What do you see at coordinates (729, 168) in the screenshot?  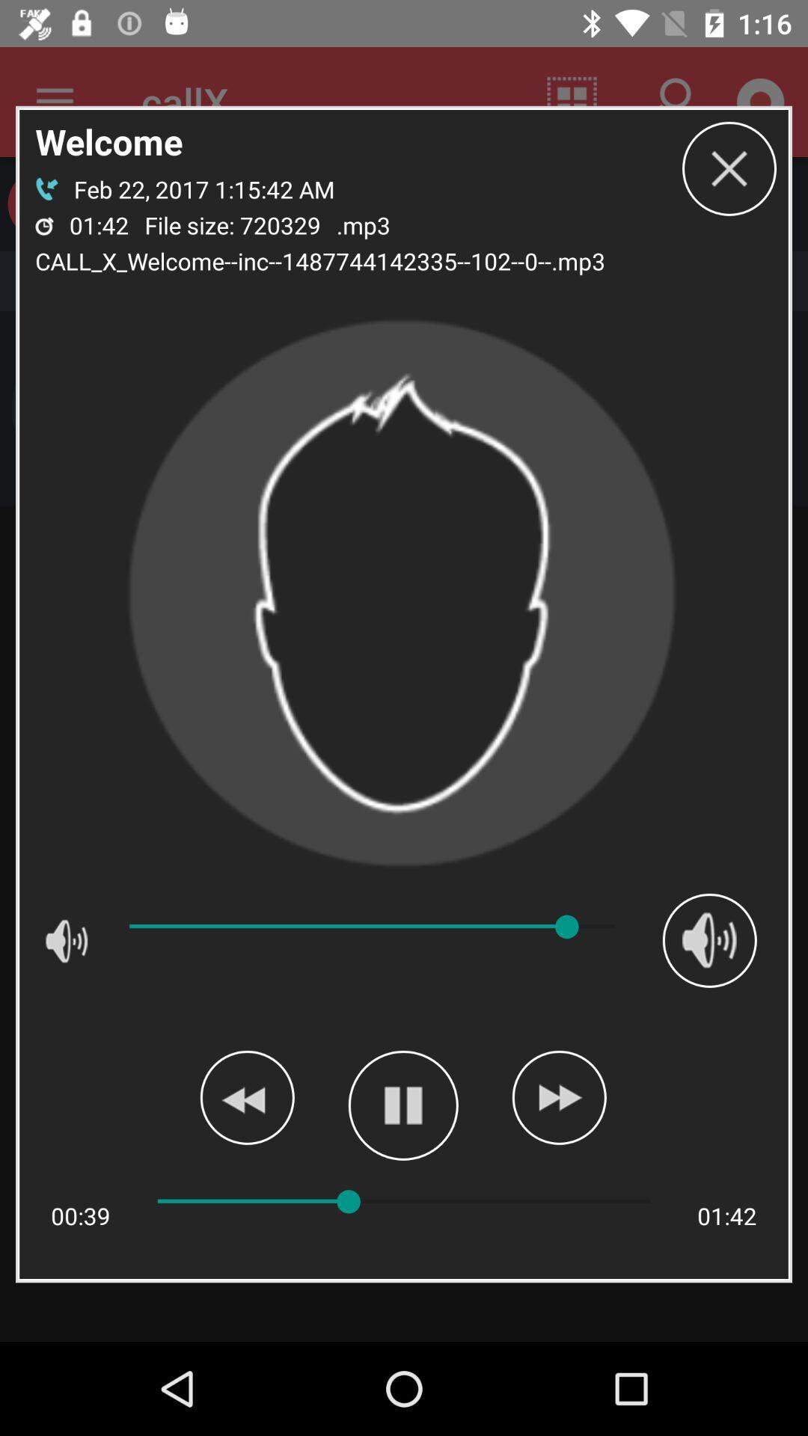 I see `box button` at bounding box center [729, 168].